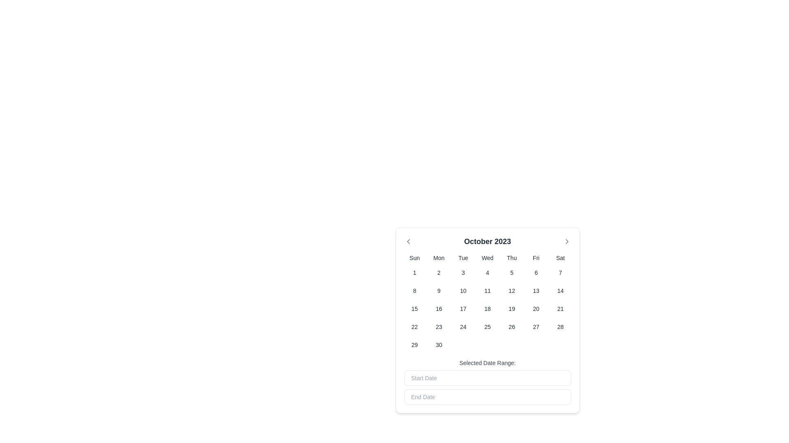 The height and width of the screenshot is (443, 789). I want to click on the clickable calendar cell located in the fourth column and fourth row of the calendar grid for additional information, so click(438, 327).